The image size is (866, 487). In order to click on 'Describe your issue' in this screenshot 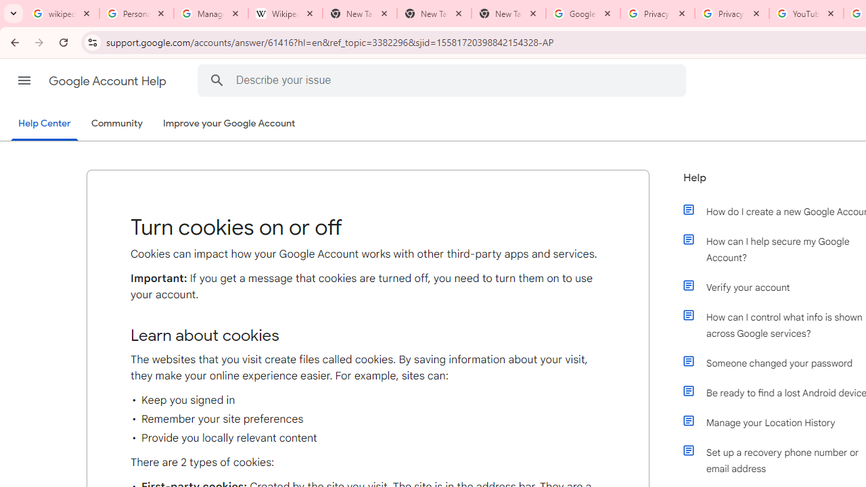, I will do `click(444, 80)`.